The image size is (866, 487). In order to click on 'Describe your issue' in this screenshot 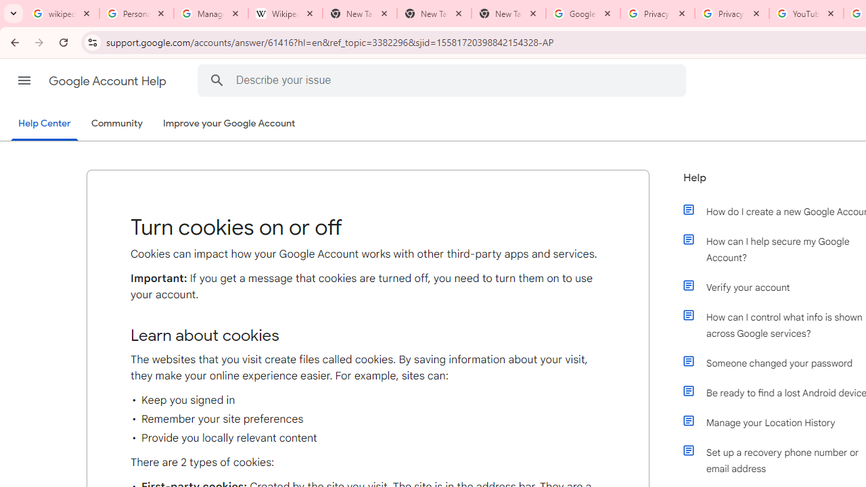, I will do `click(444, 80)`.